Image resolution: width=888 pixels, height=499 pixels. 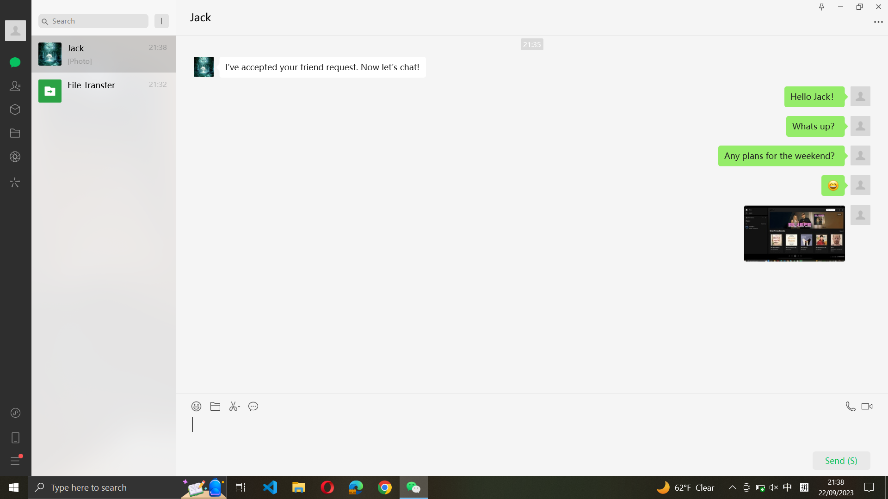 I want to click on the third conversation listed under the chat section, so click(x=15, y=62).